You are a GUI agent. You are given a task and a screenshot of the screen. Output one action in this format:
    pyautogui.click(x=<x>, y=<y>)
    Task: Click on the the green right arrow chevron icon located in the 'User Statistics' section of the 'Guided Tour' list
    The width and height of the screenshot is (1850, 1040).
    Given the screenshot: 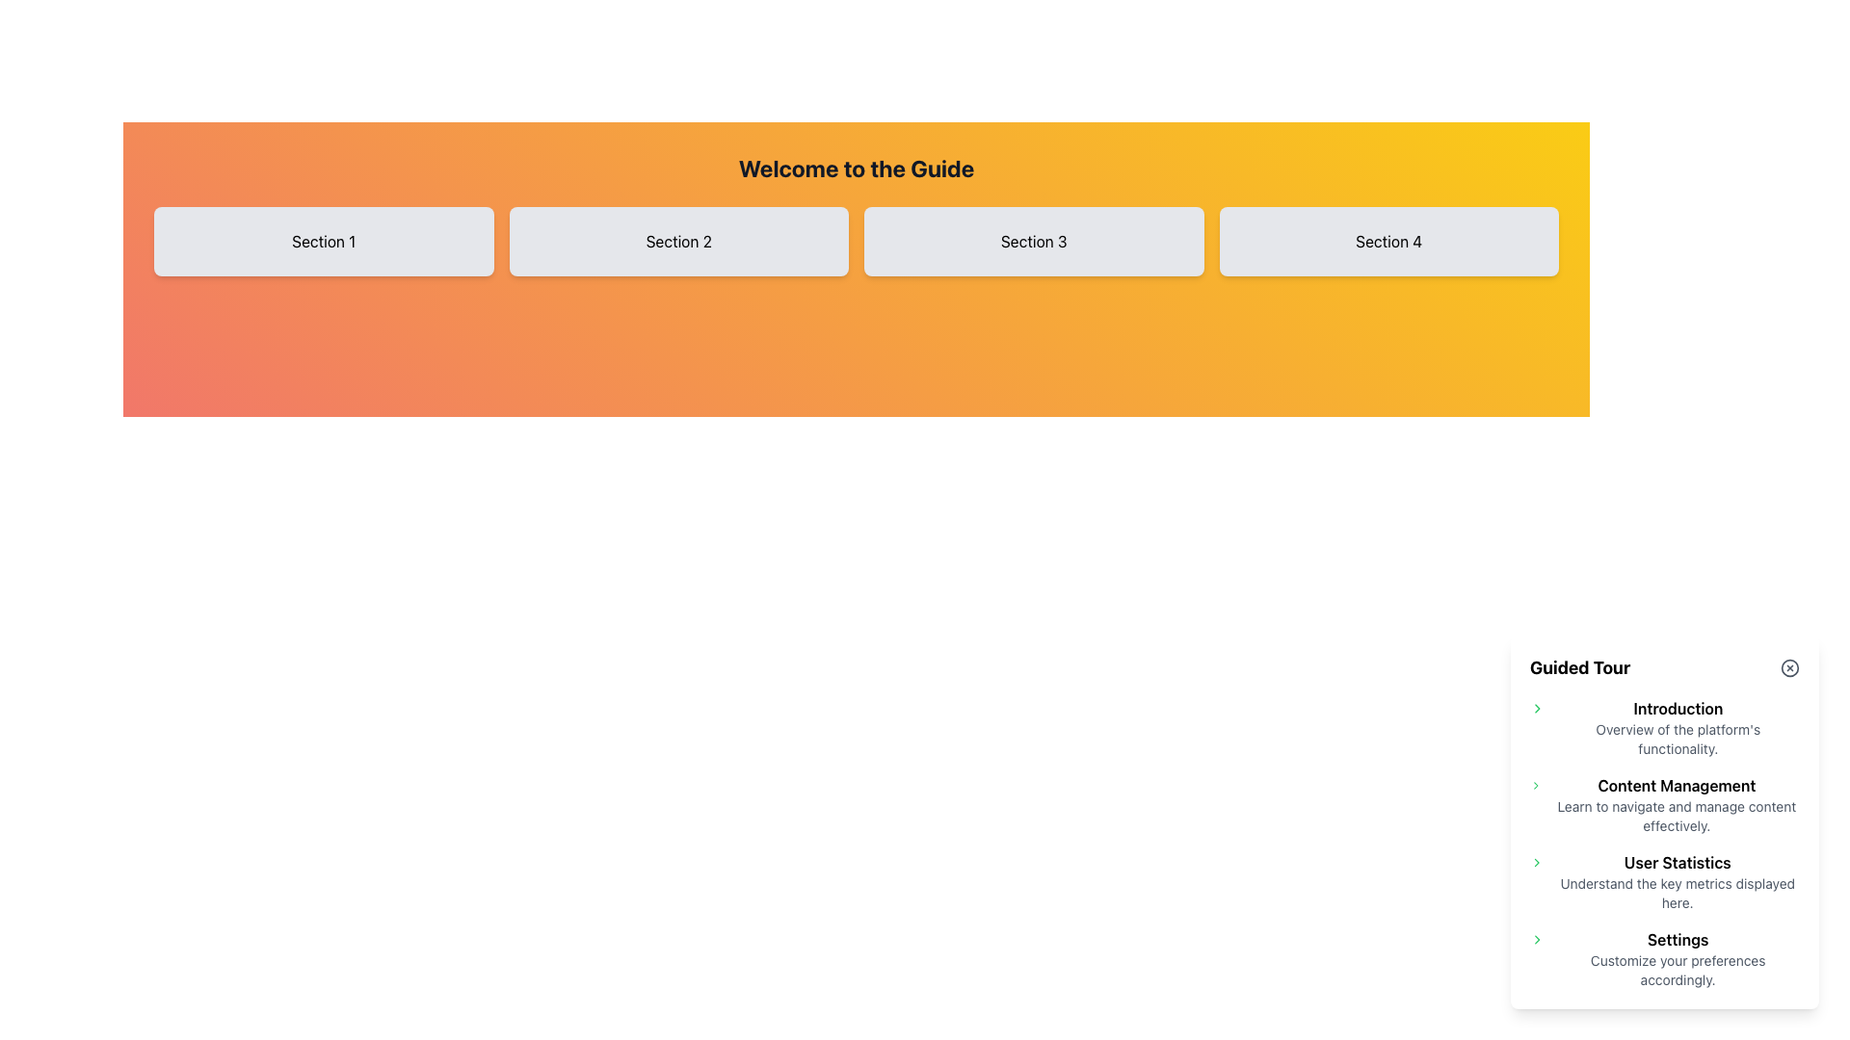 What is the action you would take?
    pyautogui.click(x=1536, y=861)
    